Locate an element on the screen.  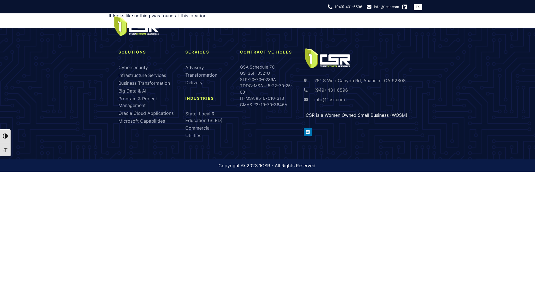
'Delivery' is located at coordinates (185, 82).